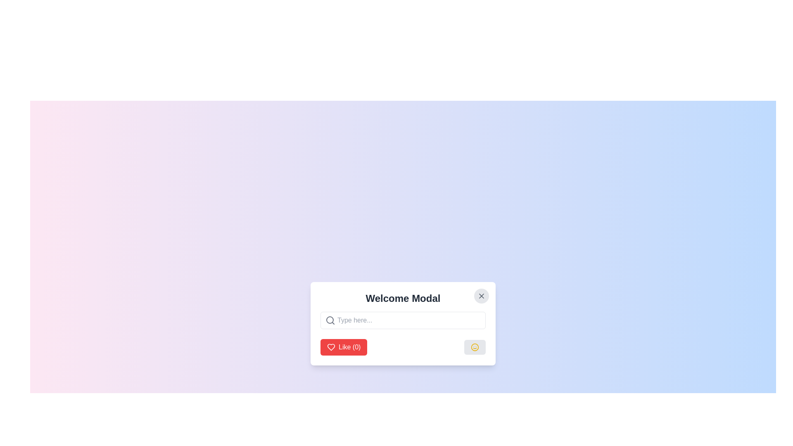 This screenshot has width=793, height=446. Describe the element at coordinates (331, 347) in the screenshot. I see `the red heart icon located inside the 'Like (0)' button at the bottom left of the modal window` at that location.